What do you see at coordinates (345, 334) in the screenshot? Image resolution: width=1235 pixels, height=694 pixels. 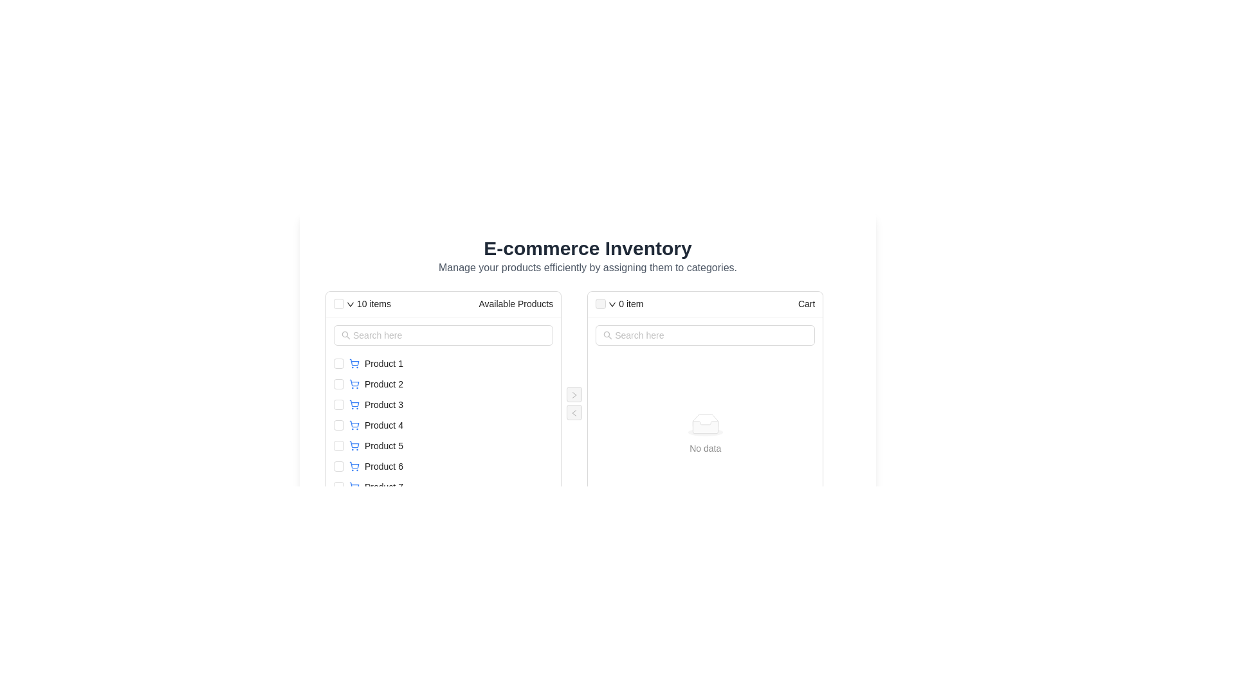 I see `the search icon located at the beginning of the 'Search here' input field in the 'Available Products' section` at bounding box center [345, 334].